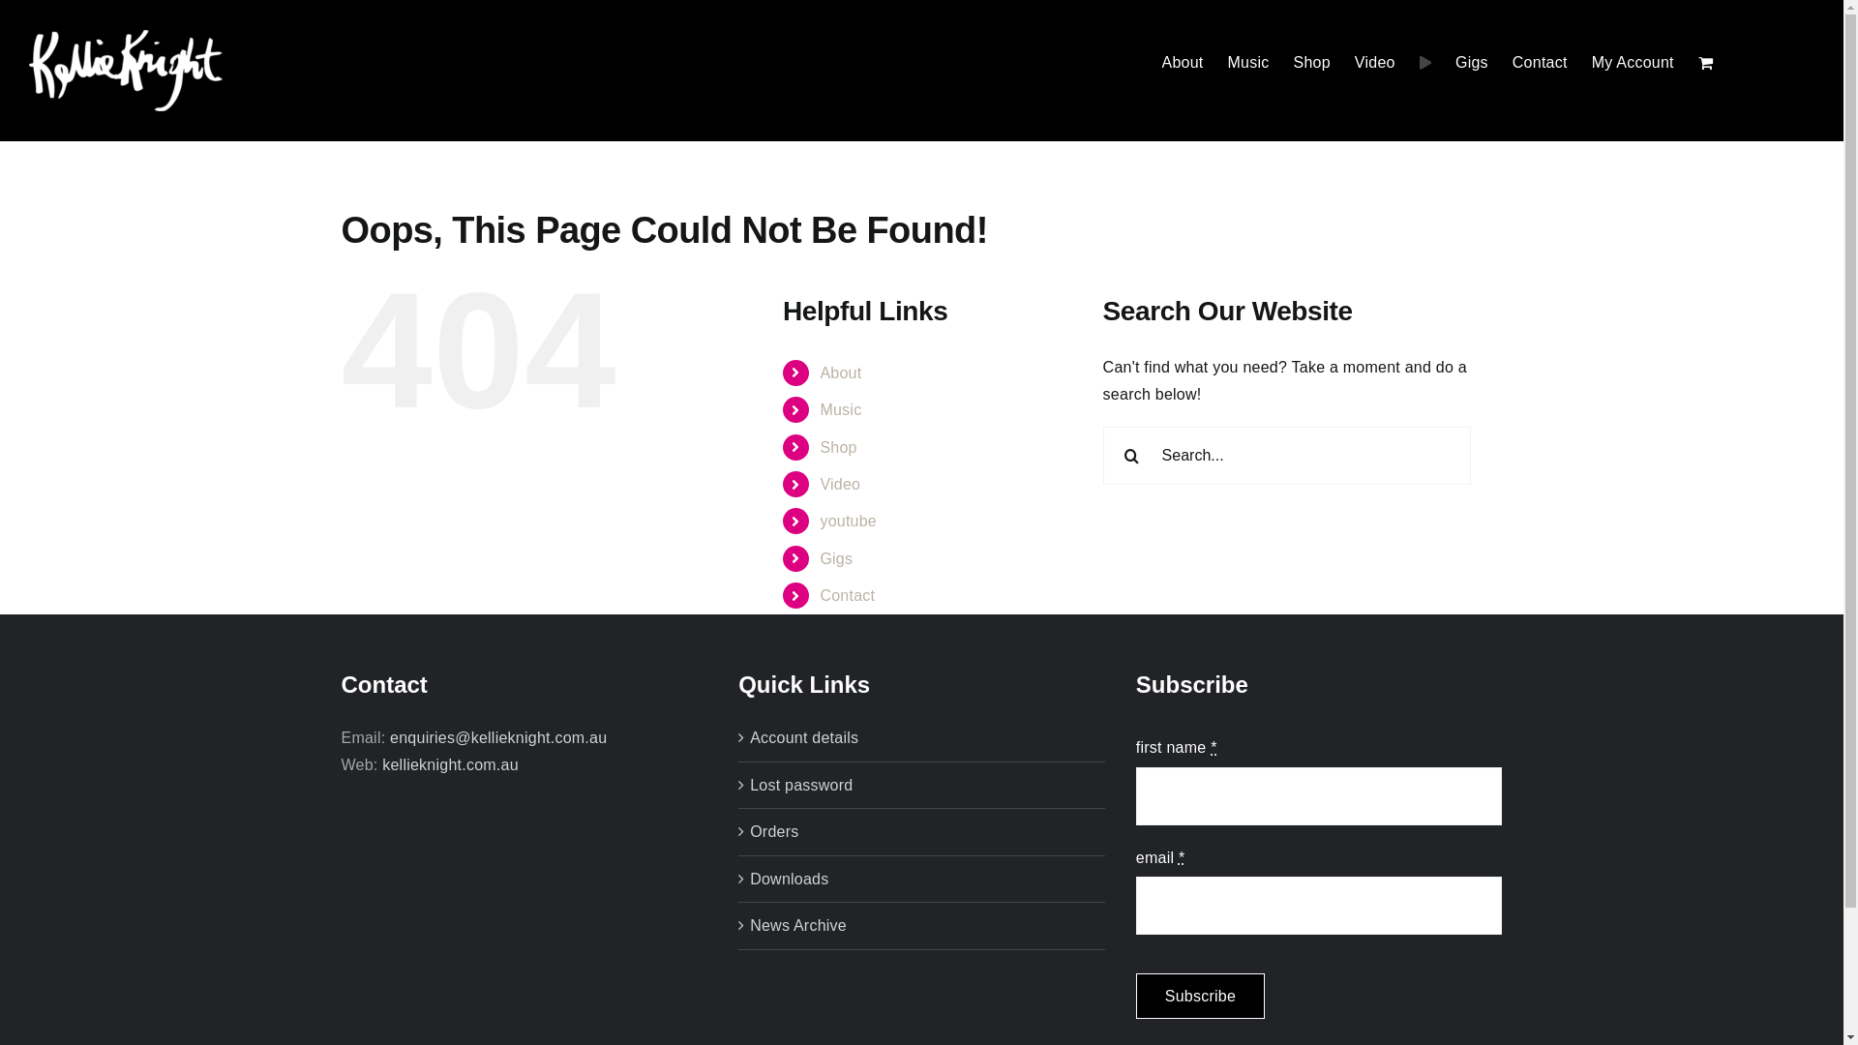 This screenshot has width=1858, height=1045. What do you see at coordinates (921, 738) in the screenshot?
I see `'Account details'` at bounding box center [921, 738].